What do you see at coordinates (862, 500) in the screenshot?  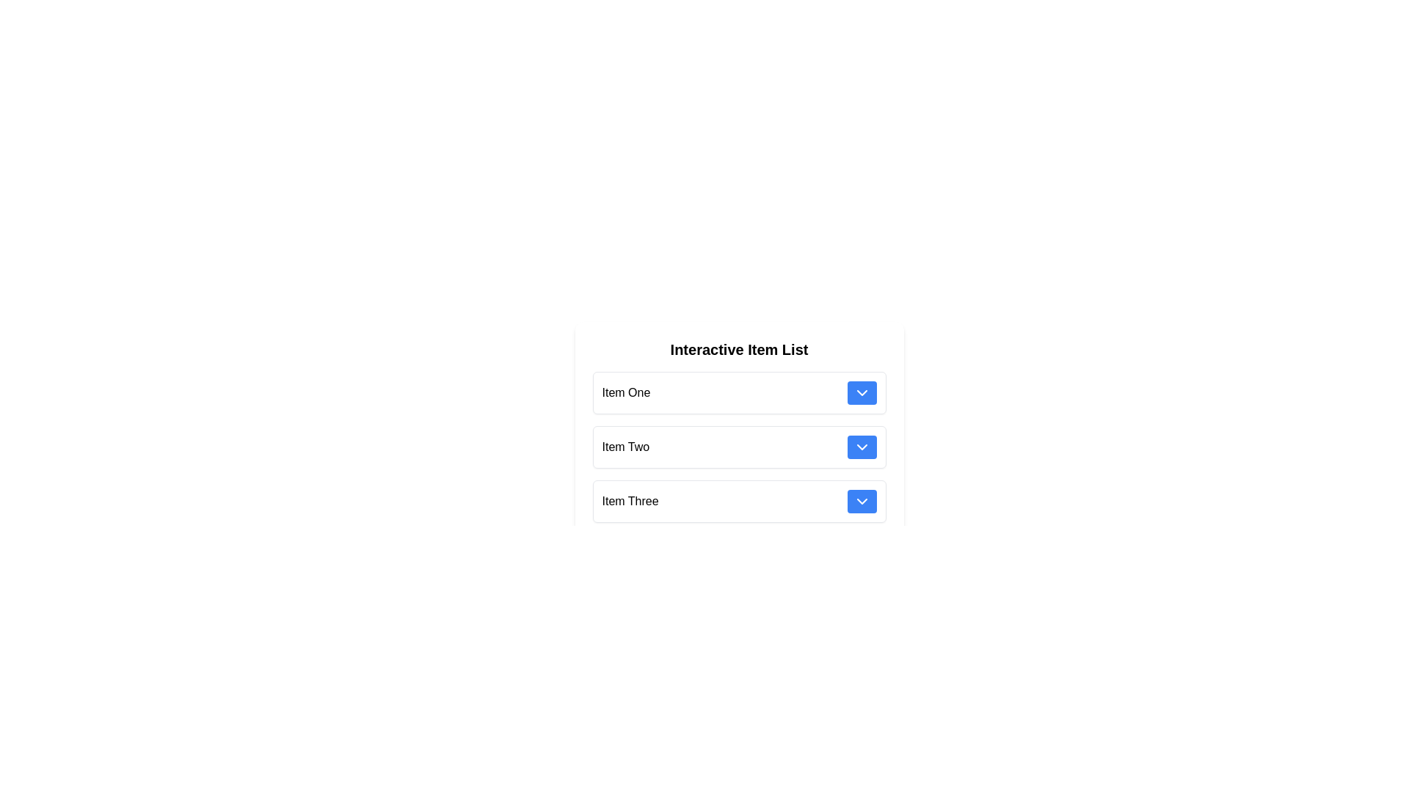 I see `the downward-pointing chevron icon located within the blue rectangular button of the 'Item Three' row` at bounding box center [862, 500].